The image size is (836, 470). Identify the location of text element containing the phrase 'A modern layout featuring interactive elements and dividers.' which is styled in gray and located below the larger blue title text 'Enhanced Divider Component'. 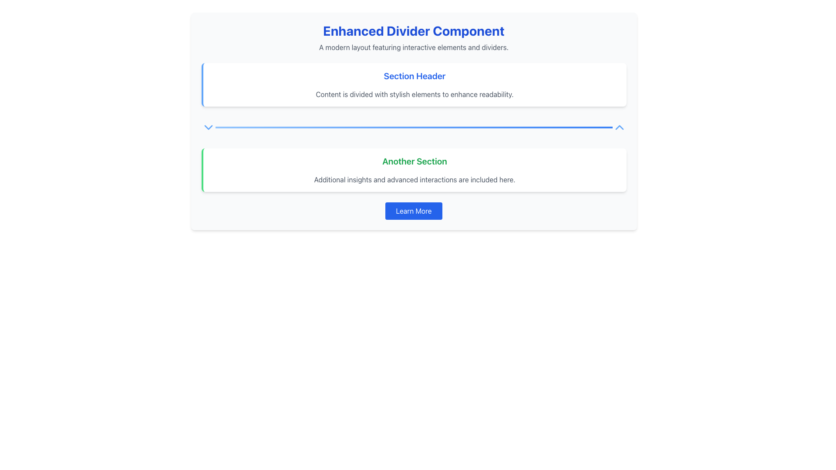
(413, 47).